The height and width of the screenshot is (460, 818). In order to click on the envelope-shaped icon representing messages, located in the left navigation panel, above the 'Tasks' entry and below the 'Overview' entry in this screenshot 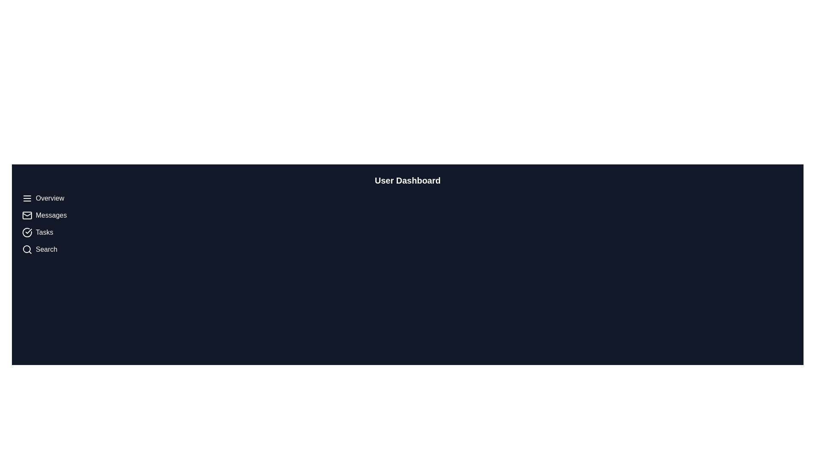, I will do `click(27, 215)`.